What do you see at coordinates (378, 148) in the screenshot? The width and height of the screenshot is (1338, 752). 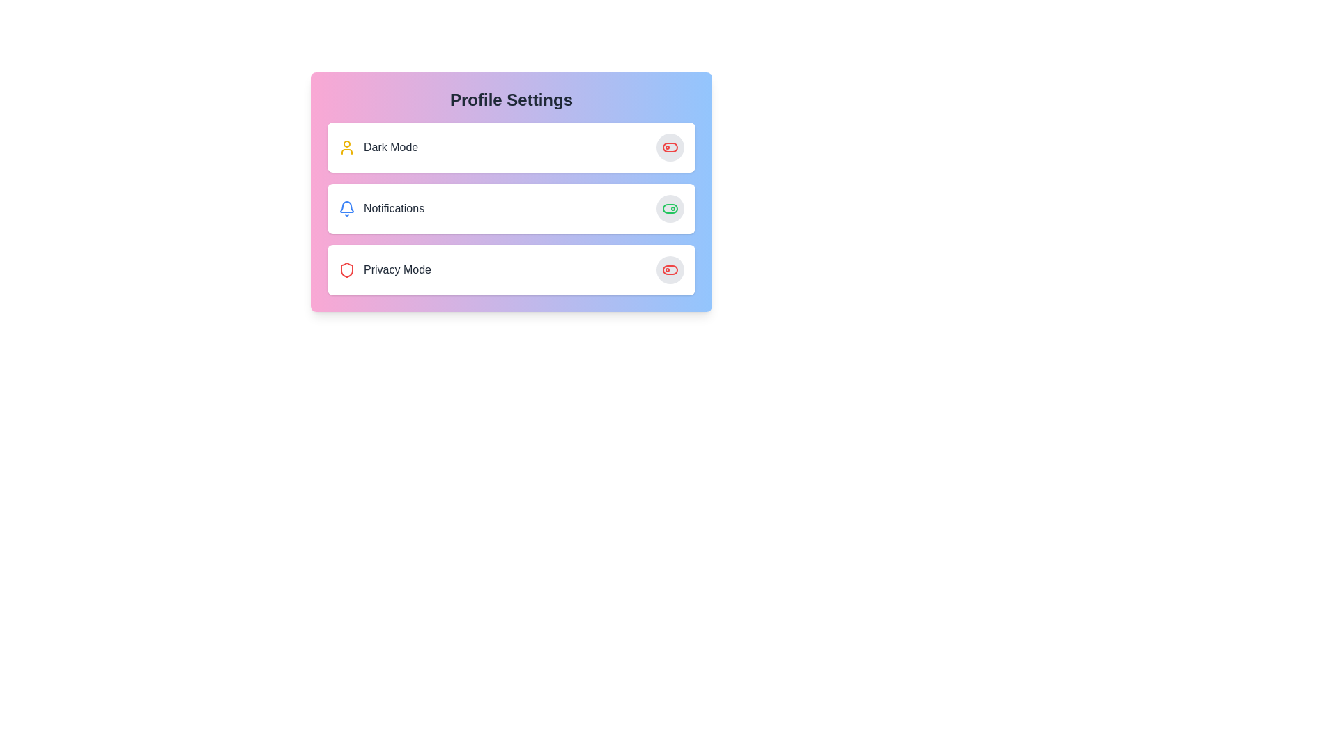 I see `the 'Dark Mode' label with the user icon, which is the first item in the 'Profile Settings' card, featuring a yellow user icon and bold, capitalized text` at bounding box center [378, 148].